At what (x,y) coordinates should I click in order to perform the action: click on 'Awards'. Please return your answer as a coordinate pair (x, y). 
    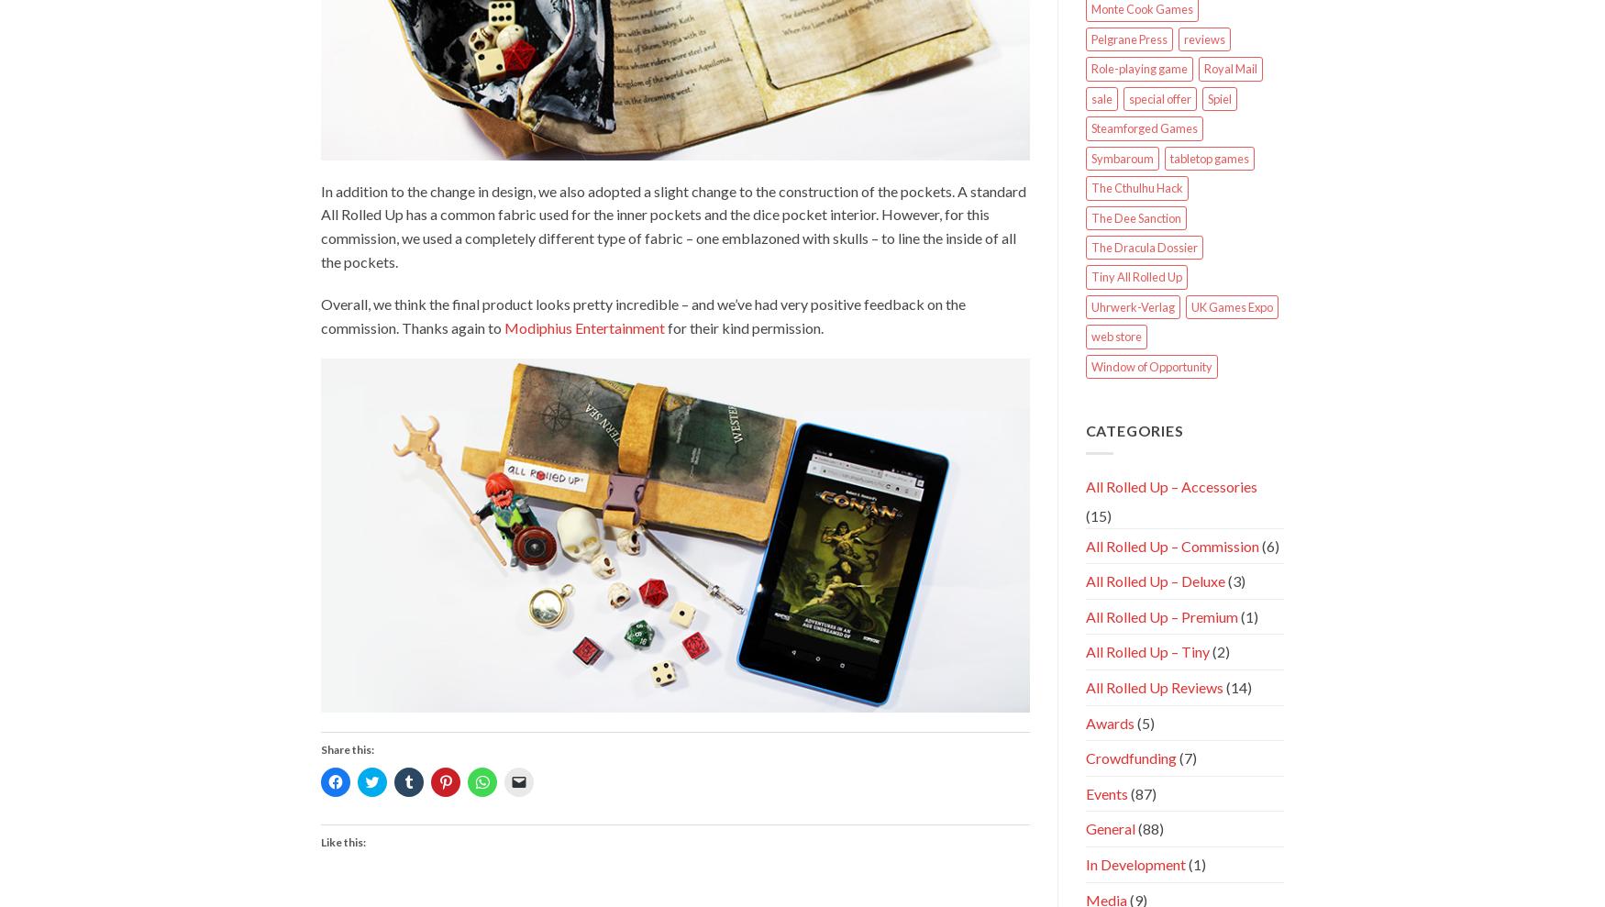
    Looking at the image, I should click on (1084, 721).